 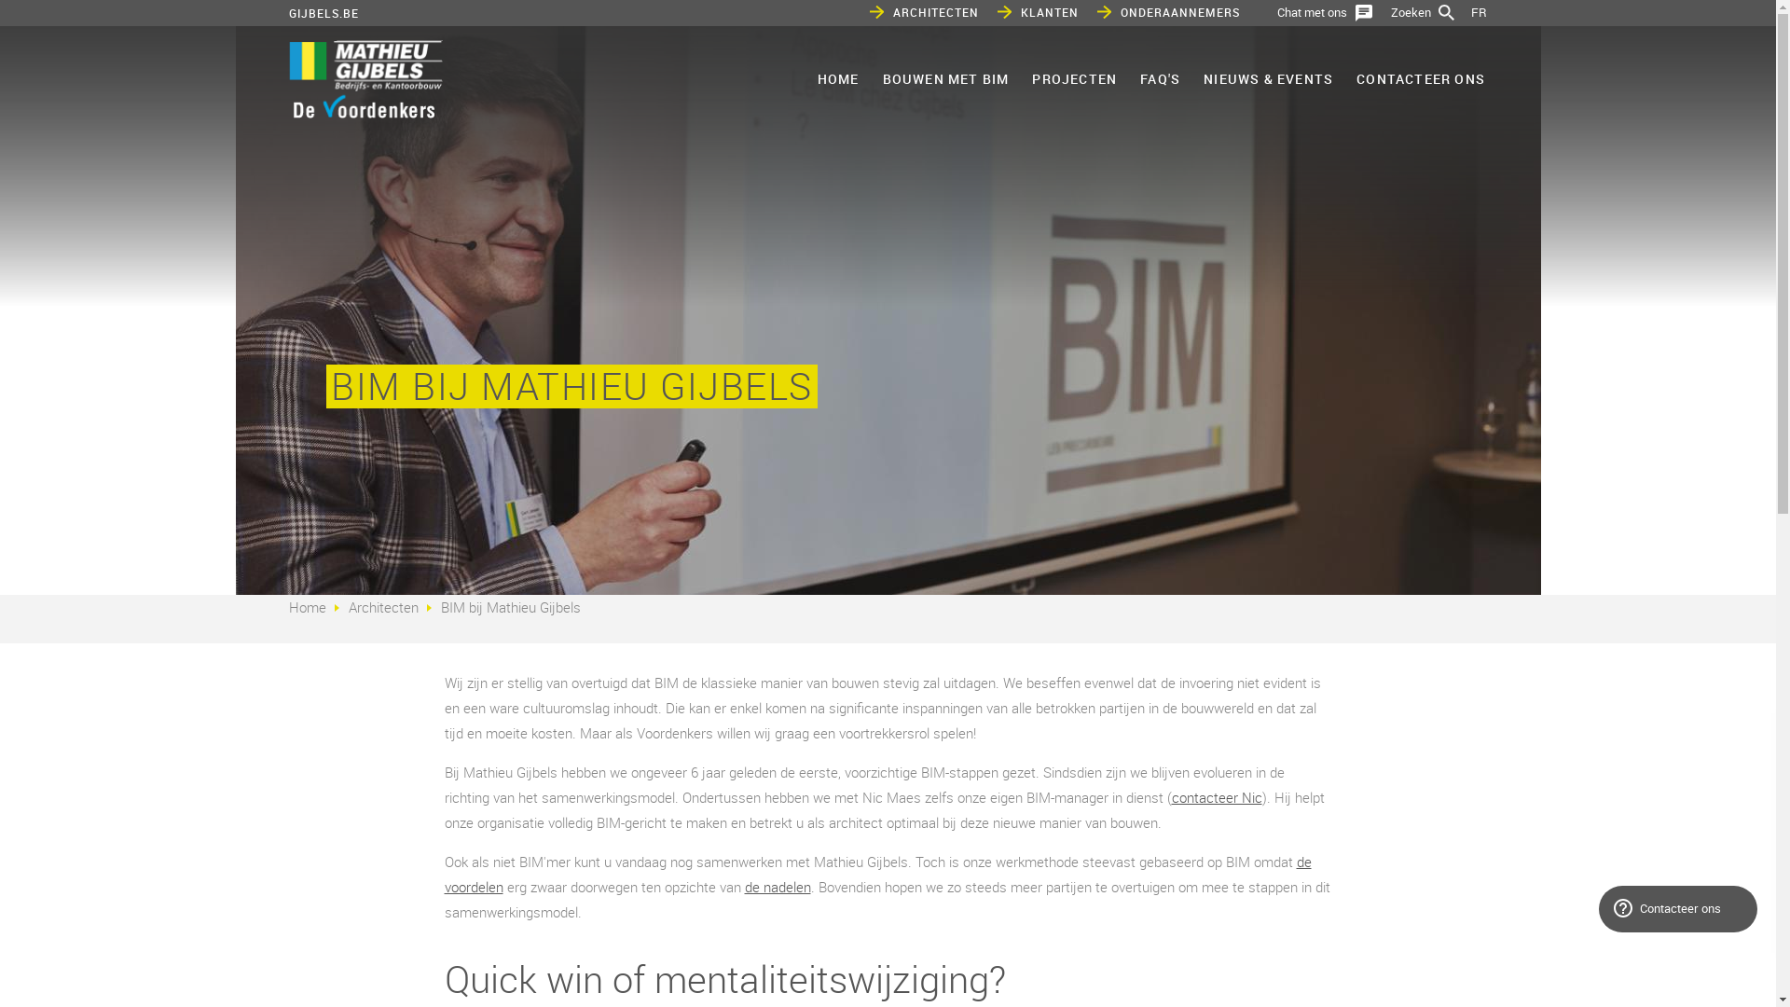 I want to click on 'KLANTEN', so click(x=1037, y=12).